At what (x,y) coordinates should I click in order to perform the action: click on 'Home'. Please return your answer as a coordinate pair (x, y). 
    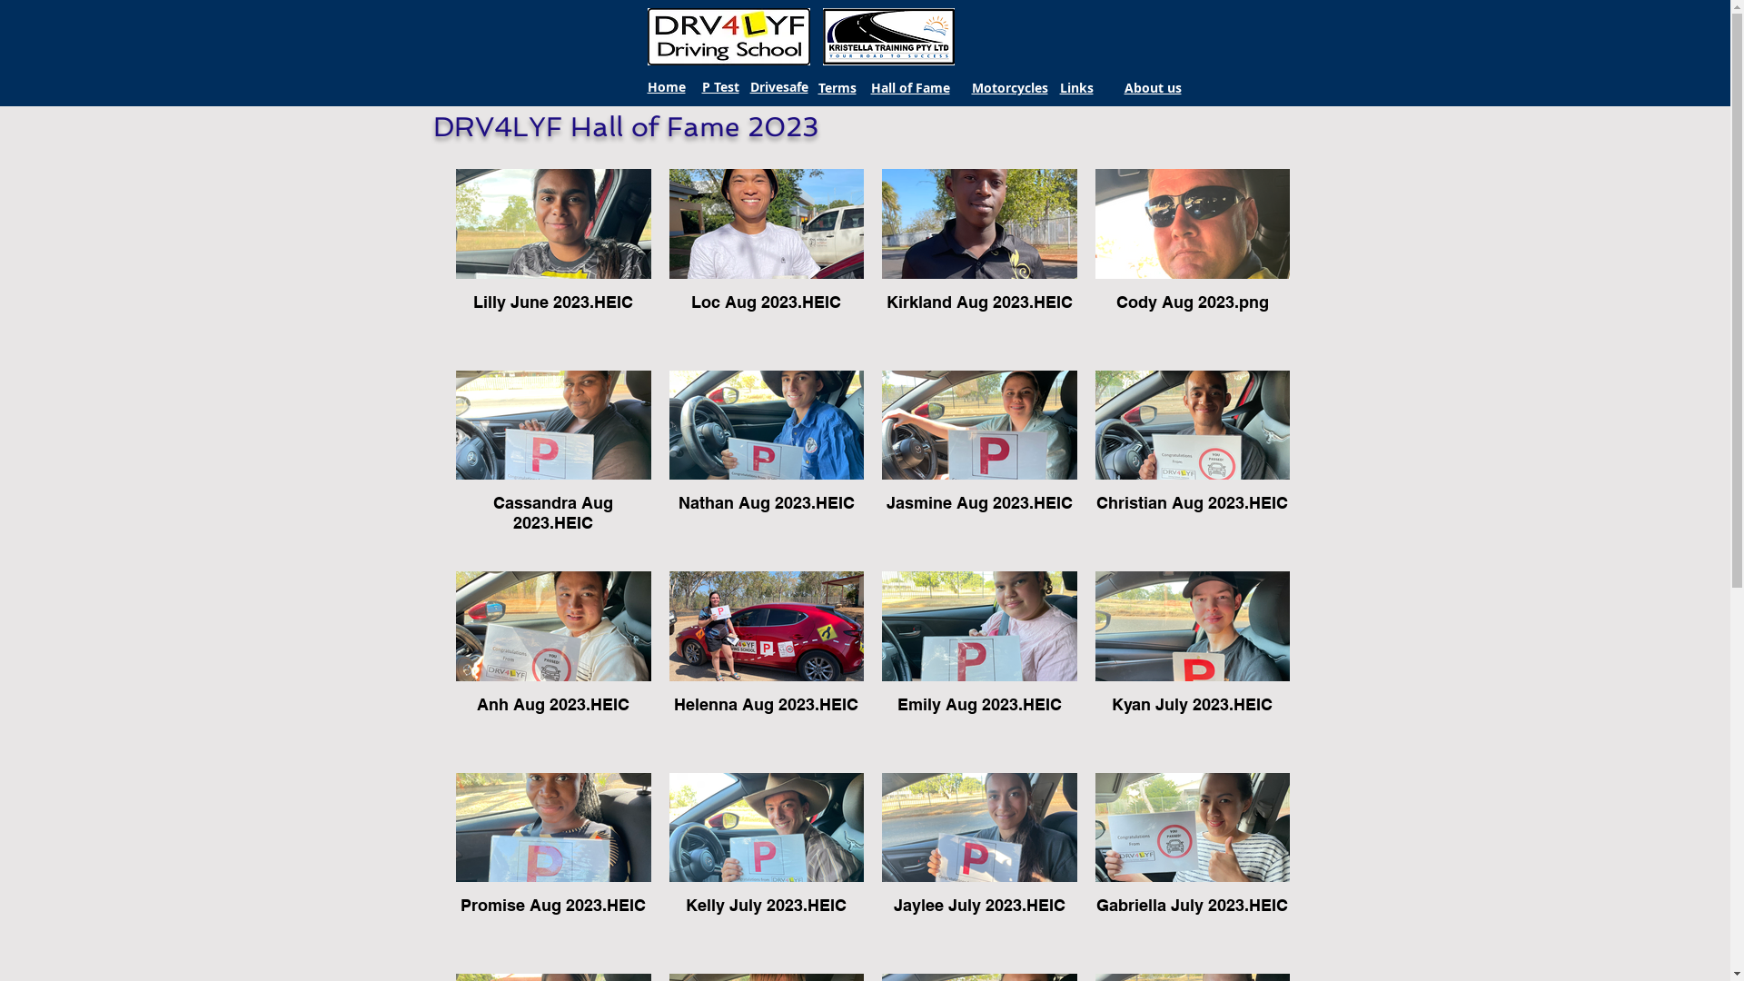
    Looking at the image, I should click on (665, 86).